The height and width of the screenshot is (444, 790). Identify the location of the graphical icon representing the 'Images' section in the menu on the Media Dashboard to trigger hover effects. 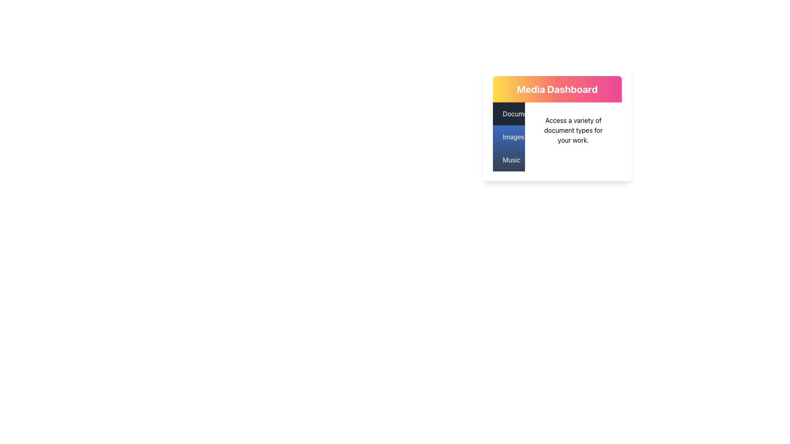
(504, 136).